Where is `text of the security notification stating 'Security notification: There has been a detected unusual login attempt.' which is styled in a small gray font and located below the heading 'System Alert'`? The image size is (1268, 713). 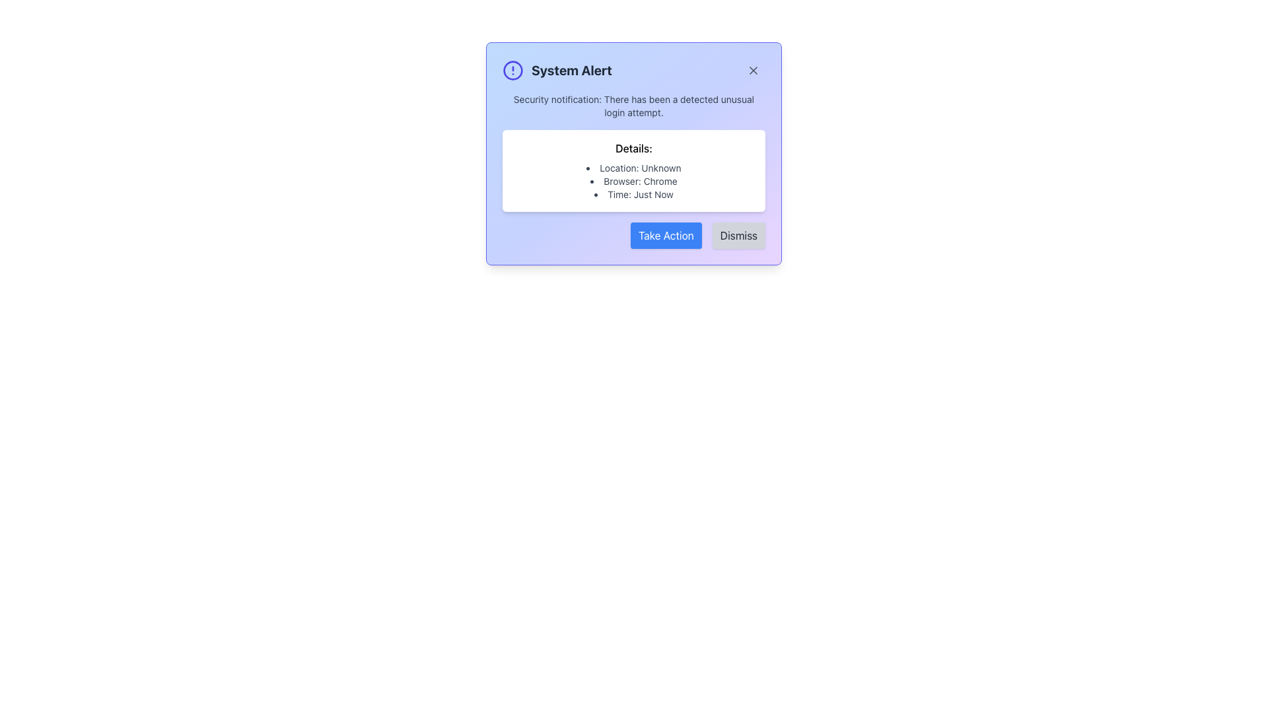
text of the security notification stating 'Security notification: There has been a detected unusual login attempt.' which is styled in a small gray font and located below the heading 'System Alert' is located at coordinates (634, 106).